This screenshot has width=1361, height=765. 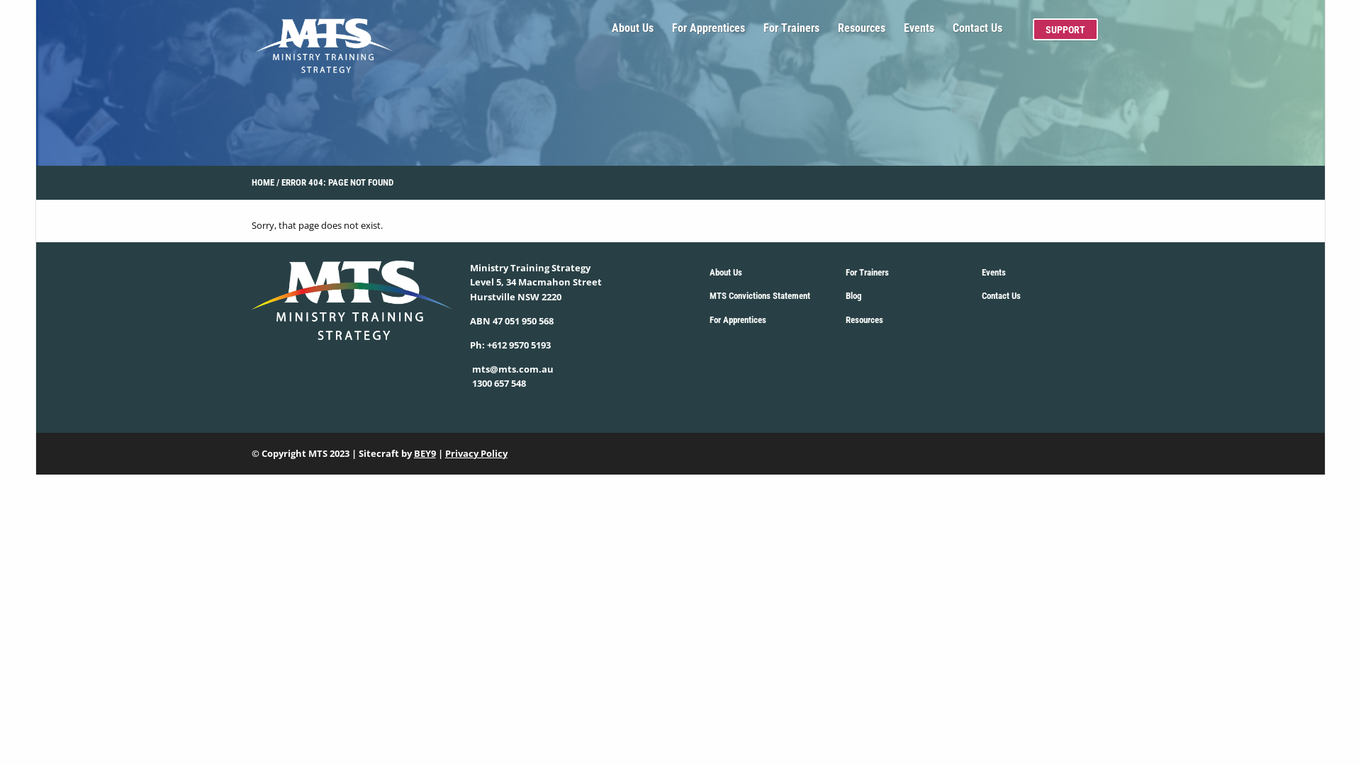 What do you see at coordinates (992, 273) in the screenshot?
I see `'Events'` at bounding box center [992, 273].